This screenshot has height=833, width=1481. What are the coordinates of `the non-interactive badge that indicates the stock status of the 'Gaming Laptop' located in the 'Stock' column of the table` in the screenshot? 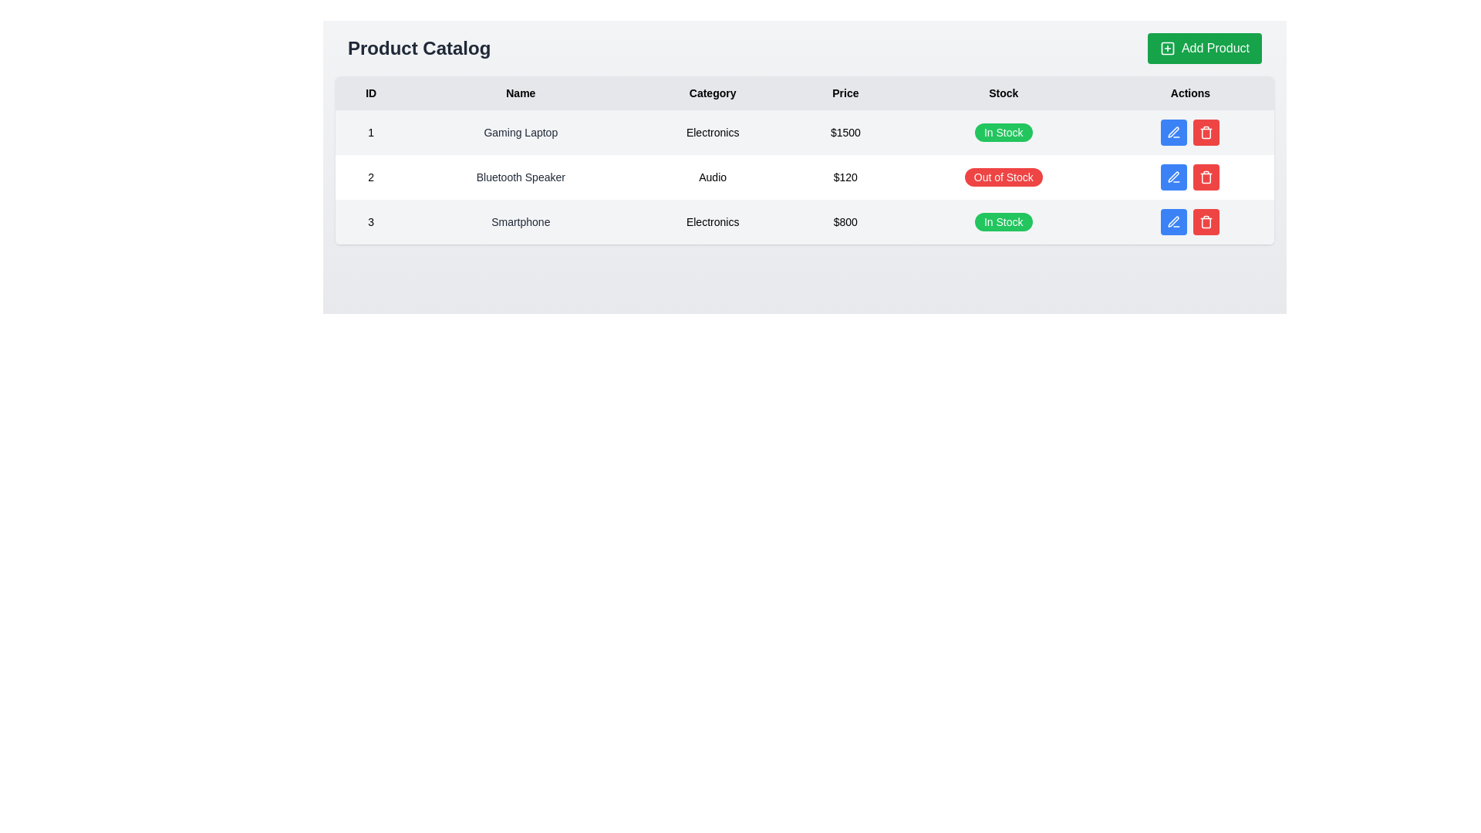 It's located at (1004, 132).